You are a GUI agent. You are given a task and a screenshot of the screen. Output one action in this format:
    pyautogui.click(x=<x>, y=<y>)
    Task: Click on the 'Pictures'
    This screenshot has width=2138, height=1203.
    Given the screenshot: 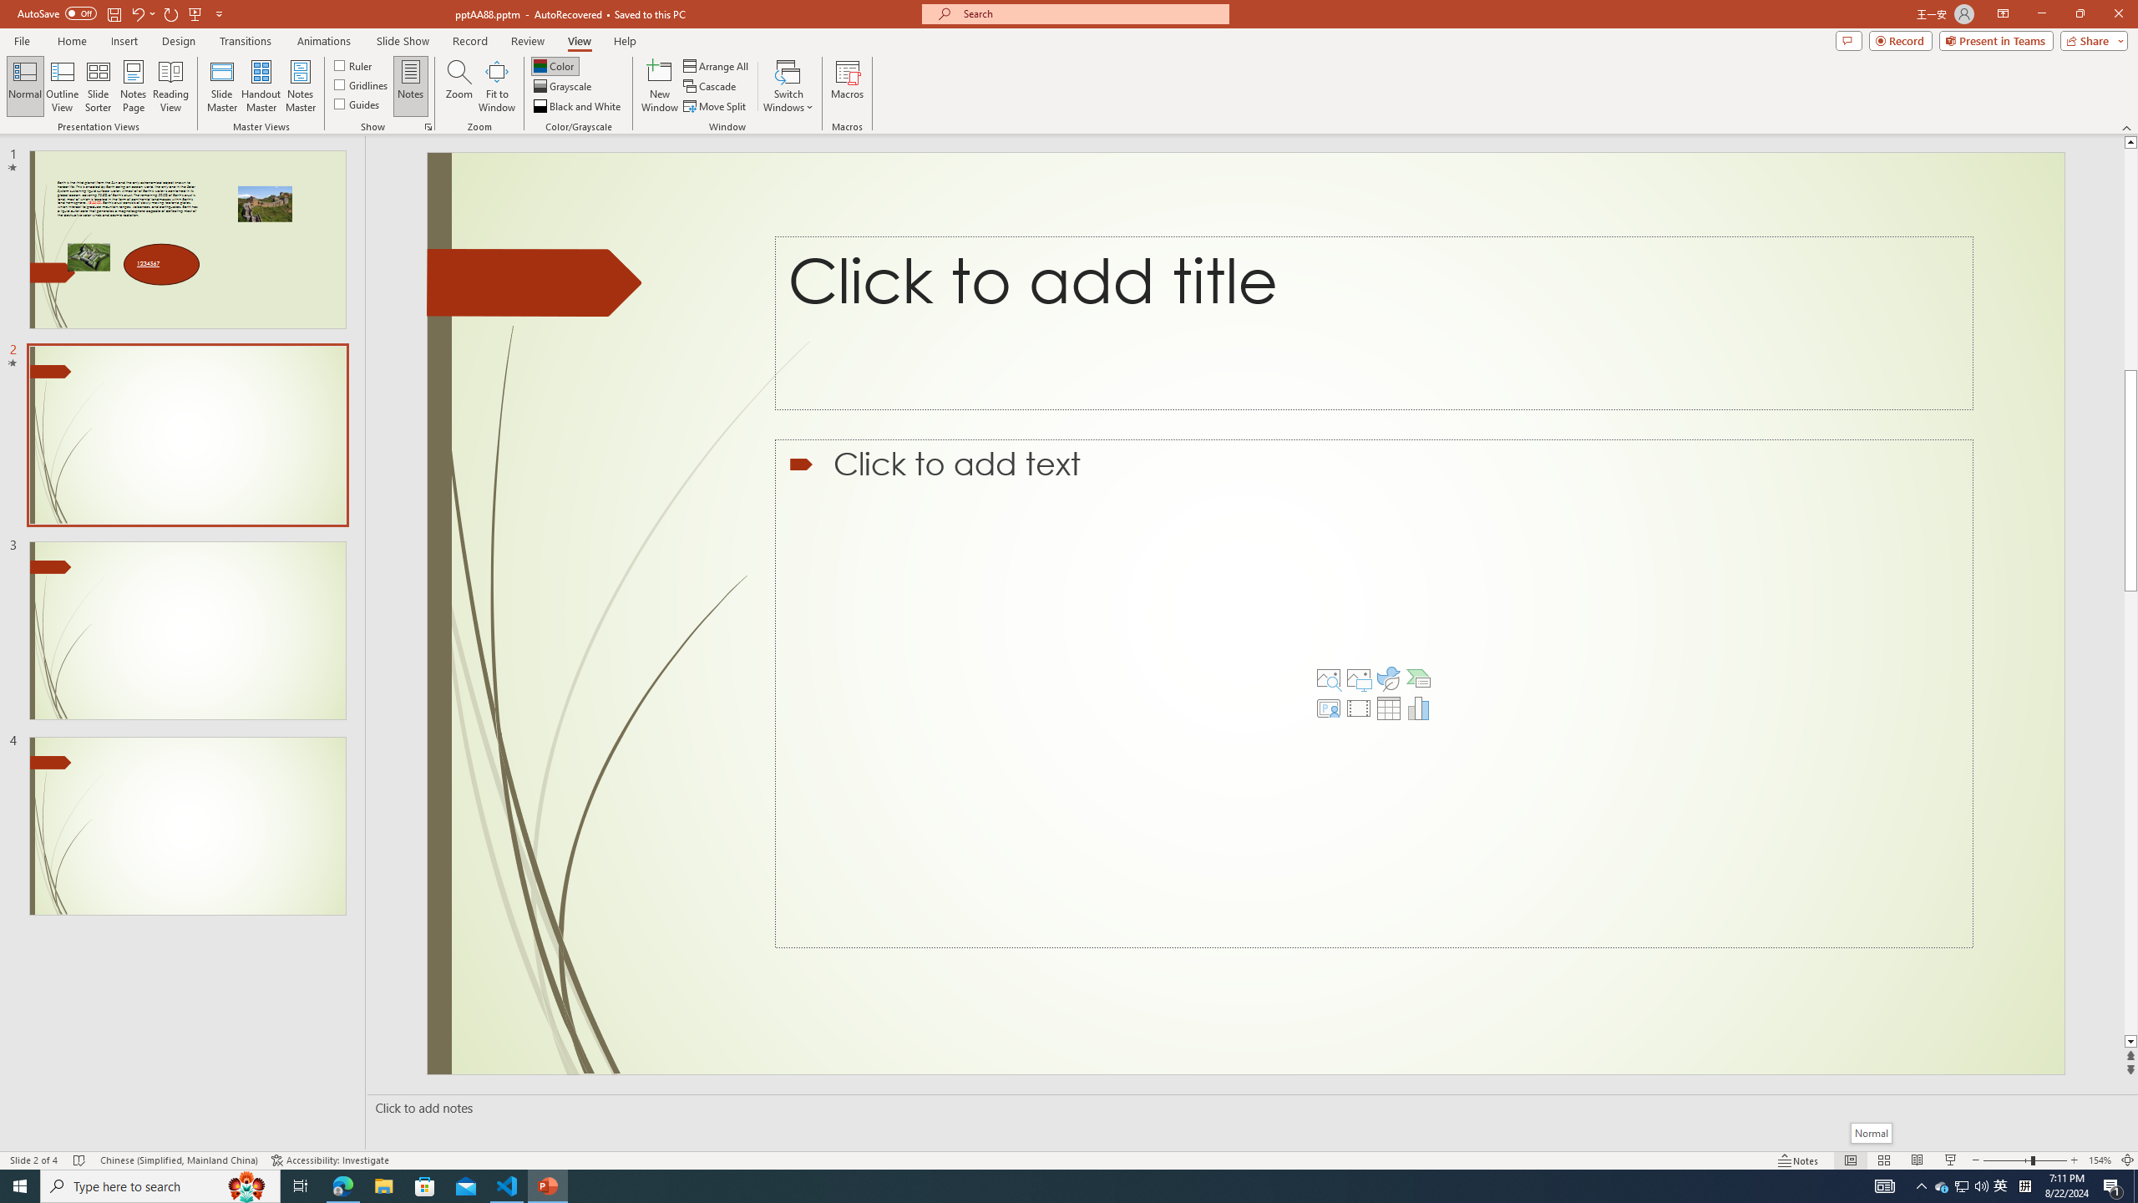 What is the action you would take?
    pyautogui.click(x=1358, y=678)
    